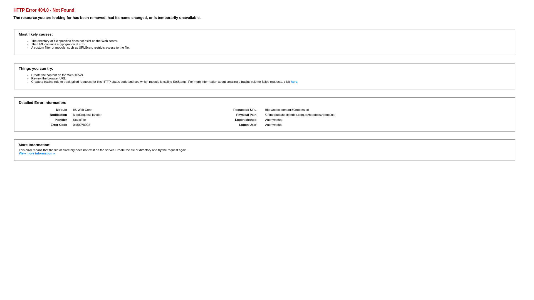 The width and height of the screenshot is (534, 300). Describe the element at coordinates (291, 81) in the screenshot. I see `'here'` at that location.